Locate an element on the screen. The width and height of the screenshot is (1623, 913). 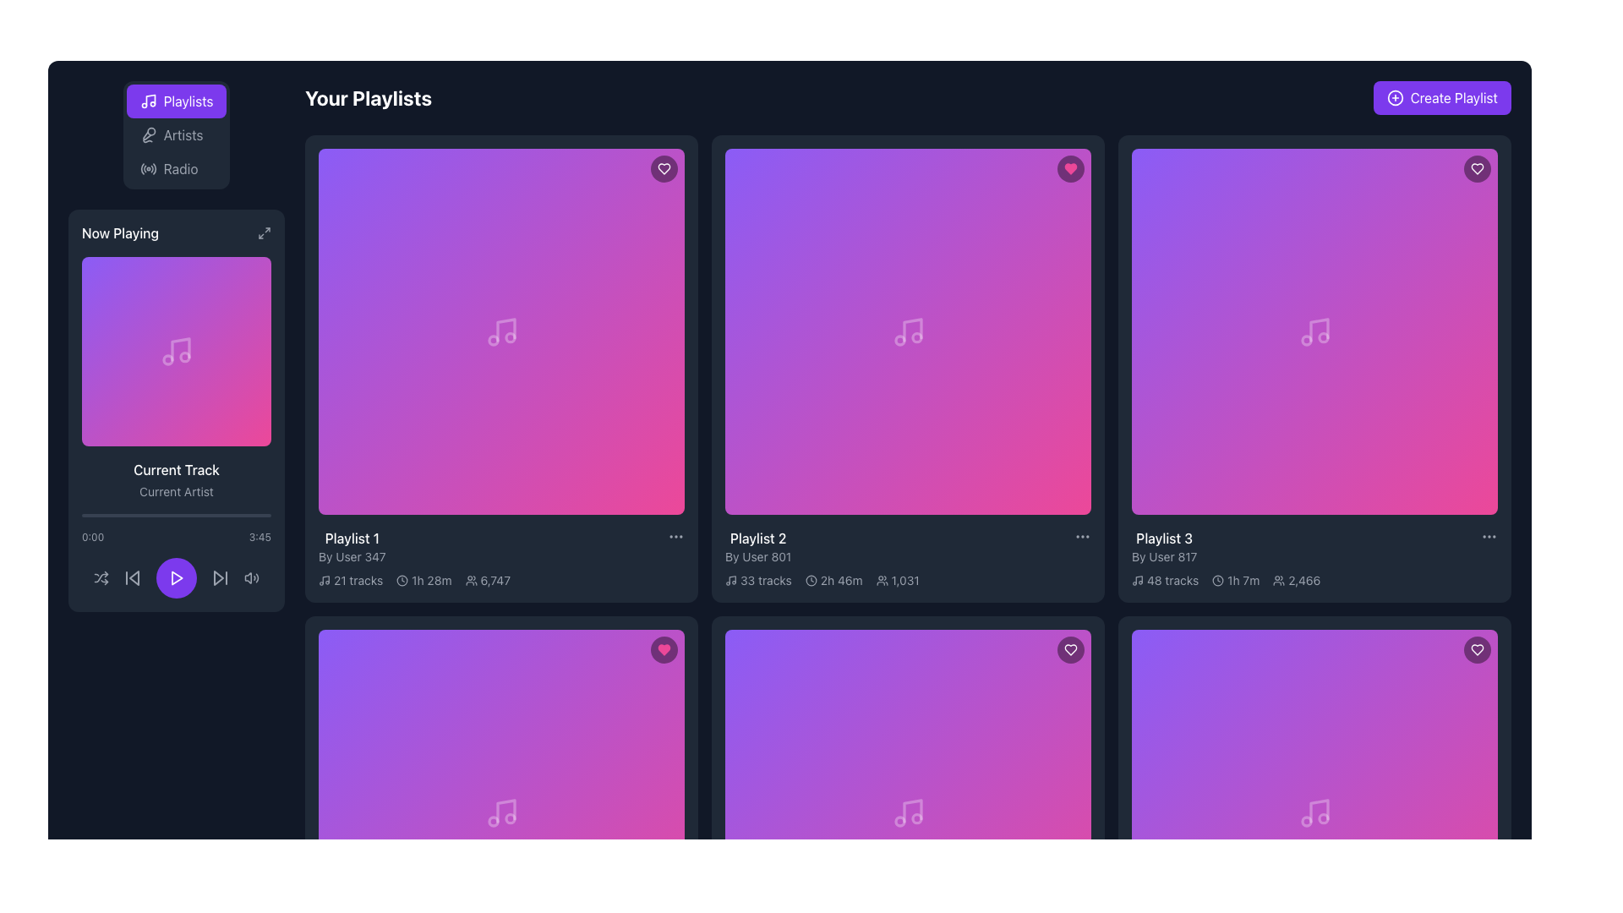
text label displaying '33 tracks' located below 'Playlist 2' and to the right of the musical note icon to understand the track count is located at coordinates (765, 579).